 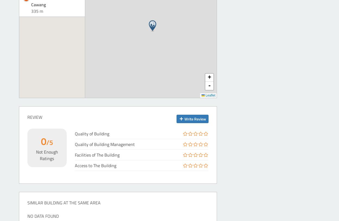 What do you see at coordinates (91, 133) in the screenshot?
I see `'Quality of Building'` at bounding box center [91, 133].